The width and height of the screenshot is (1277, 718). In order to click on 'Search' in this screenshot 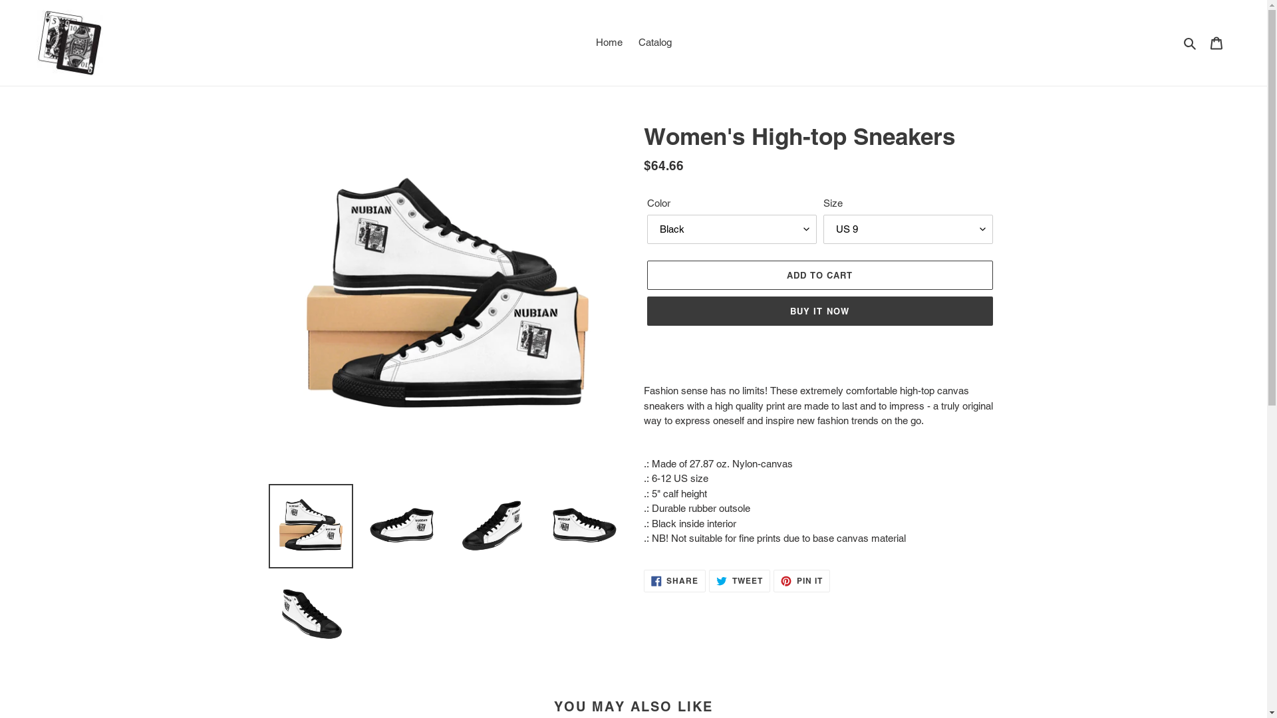, I will do `click(1191, 42)`.